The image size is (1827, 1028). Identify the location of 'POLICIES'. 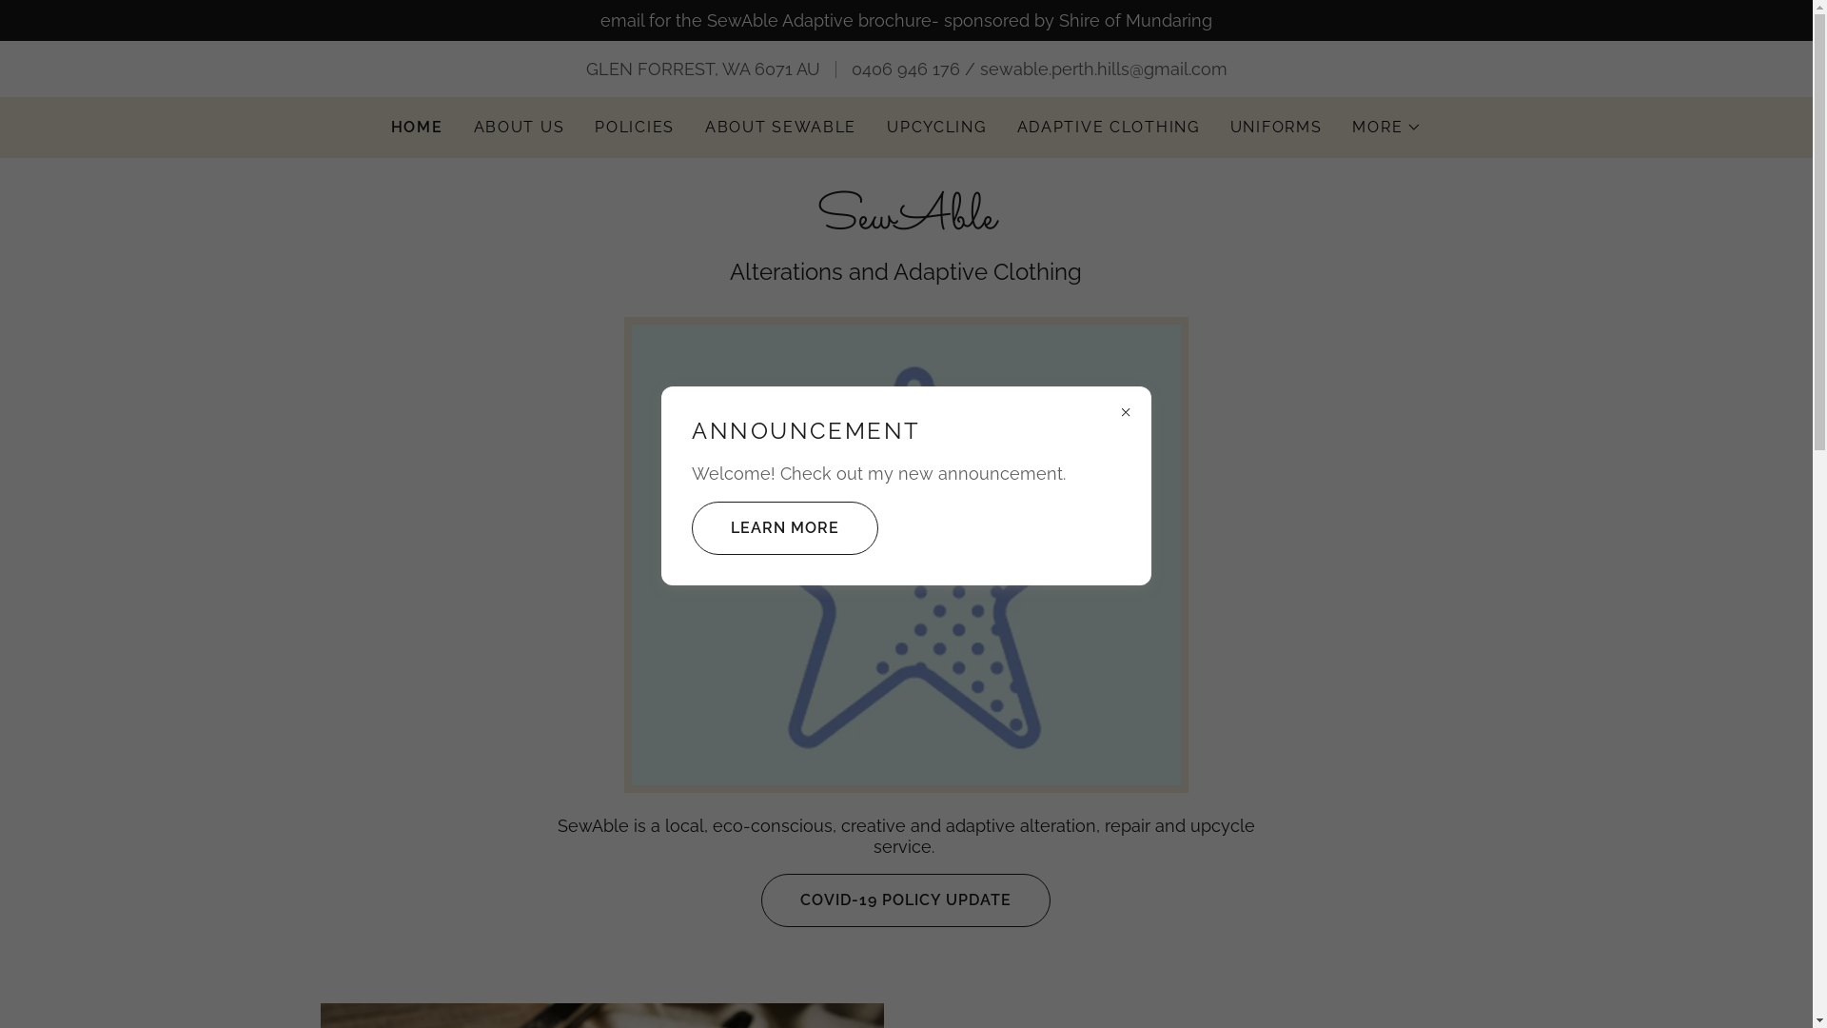
(635, 128).